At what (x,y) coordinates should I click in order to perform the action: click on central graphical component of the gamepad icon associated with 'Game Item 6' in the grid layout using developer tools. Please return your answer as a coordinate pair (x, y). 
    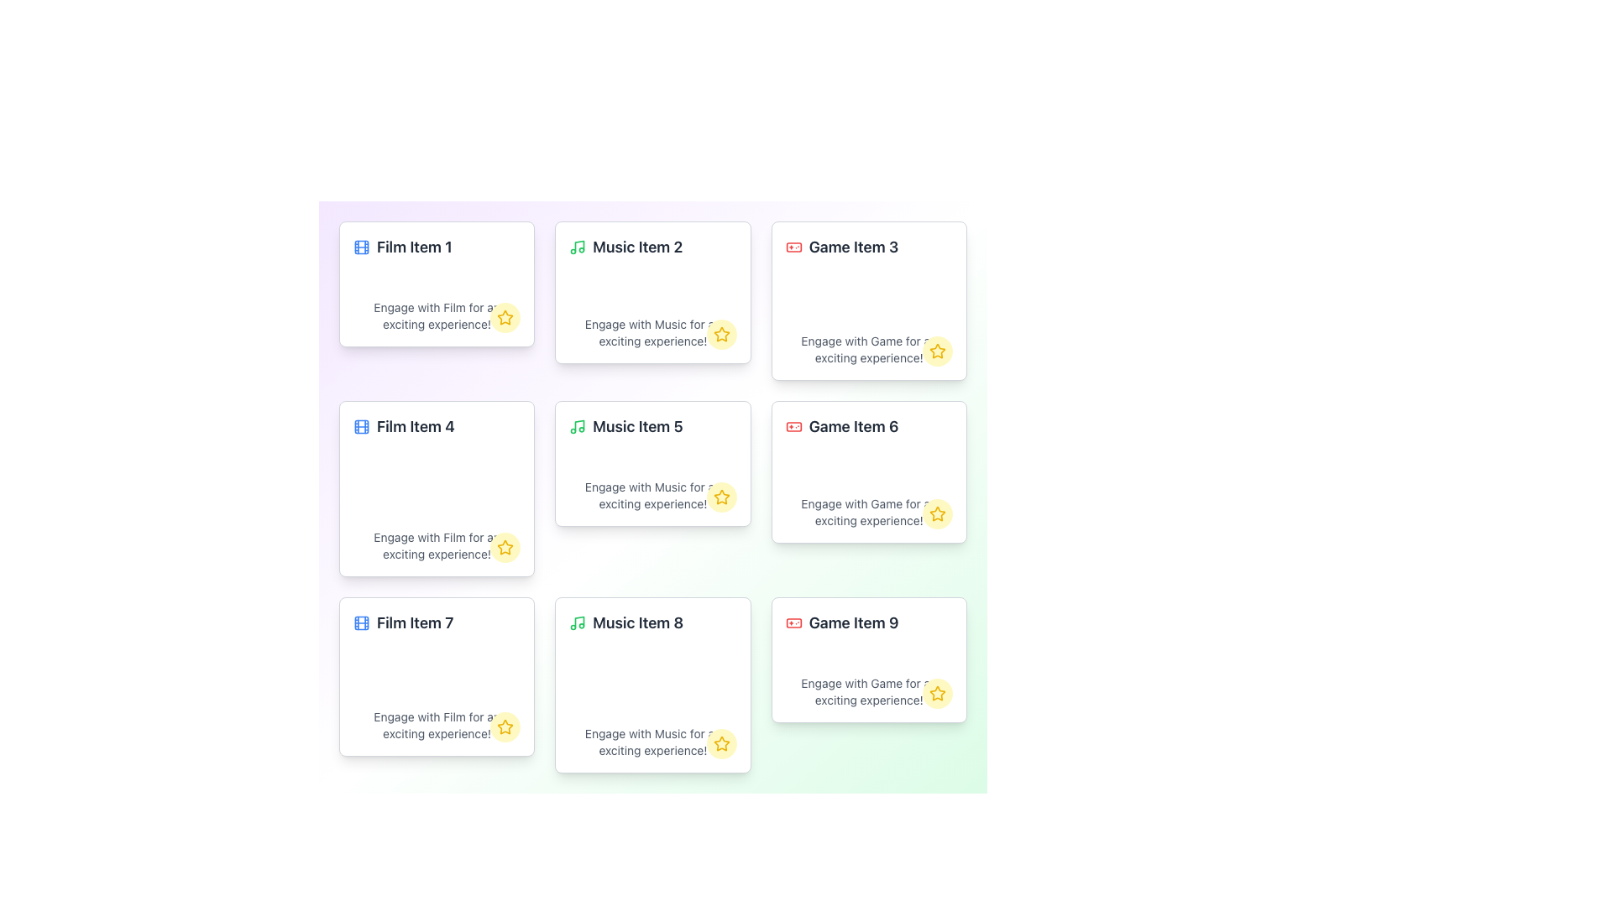
    Looking at the image, I should click on (793, 426).